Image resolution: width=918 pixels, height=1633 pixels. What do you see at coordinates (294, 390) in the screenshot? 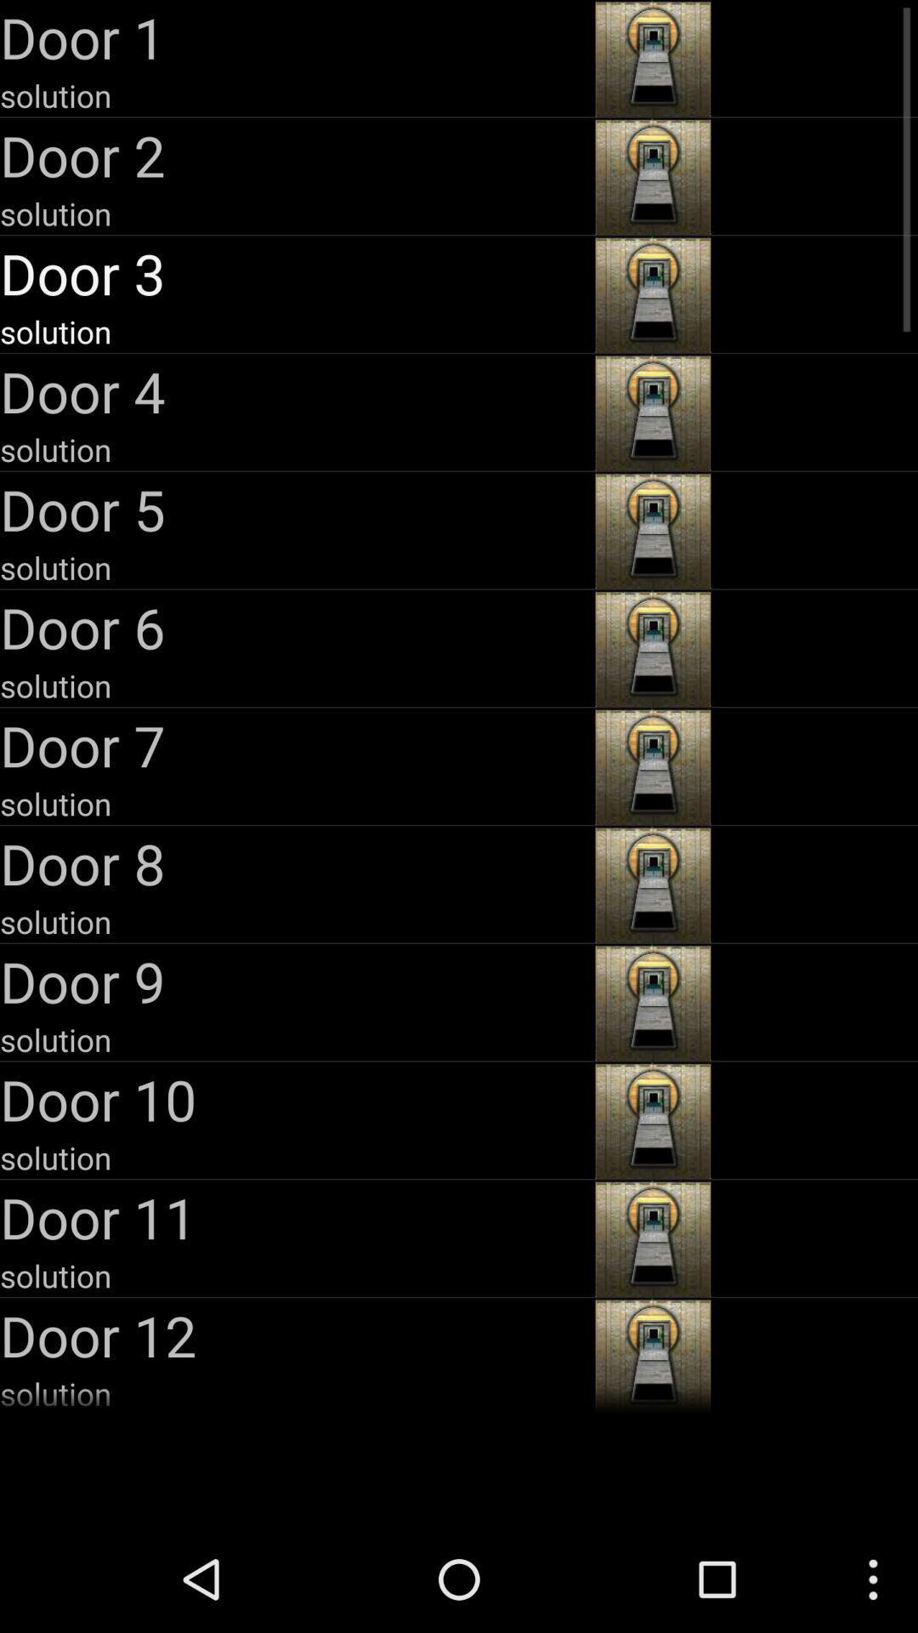
I see `door 4` at bounding box center [294, 390].